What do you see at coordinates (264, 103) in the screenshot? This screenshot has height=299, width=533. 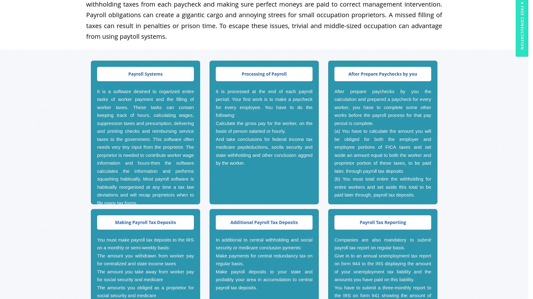 I see `'It is processed at the end of each payroll period. Your first work is to make a paycheck for every employee. You have to do the following:'` at bounding box center [264, 103].